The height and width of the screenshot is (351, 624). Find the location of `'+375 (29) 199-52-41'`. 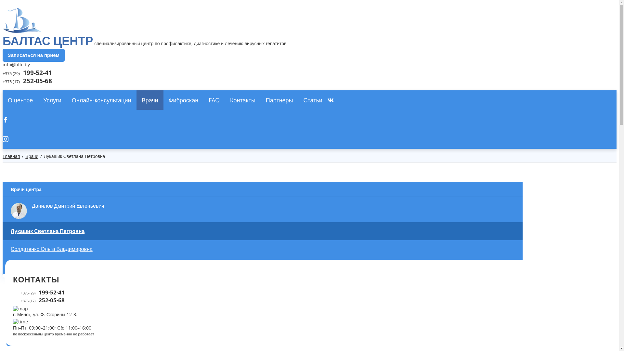

'+375 (29) 199-52-41' is located at coordinates (38, 292).